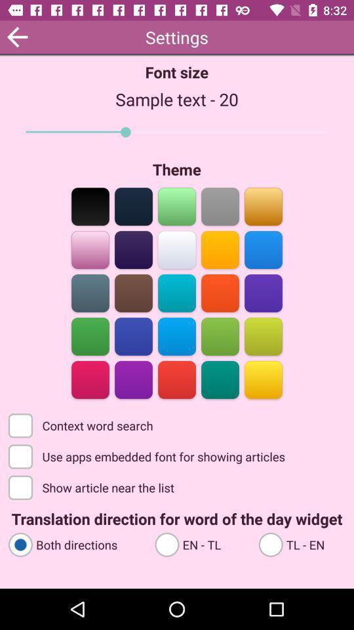 The width and height of the screenshot is (354, 630). Describe the element at coordinates (177, 379) in the screenshot. I see `theme option` at that location.